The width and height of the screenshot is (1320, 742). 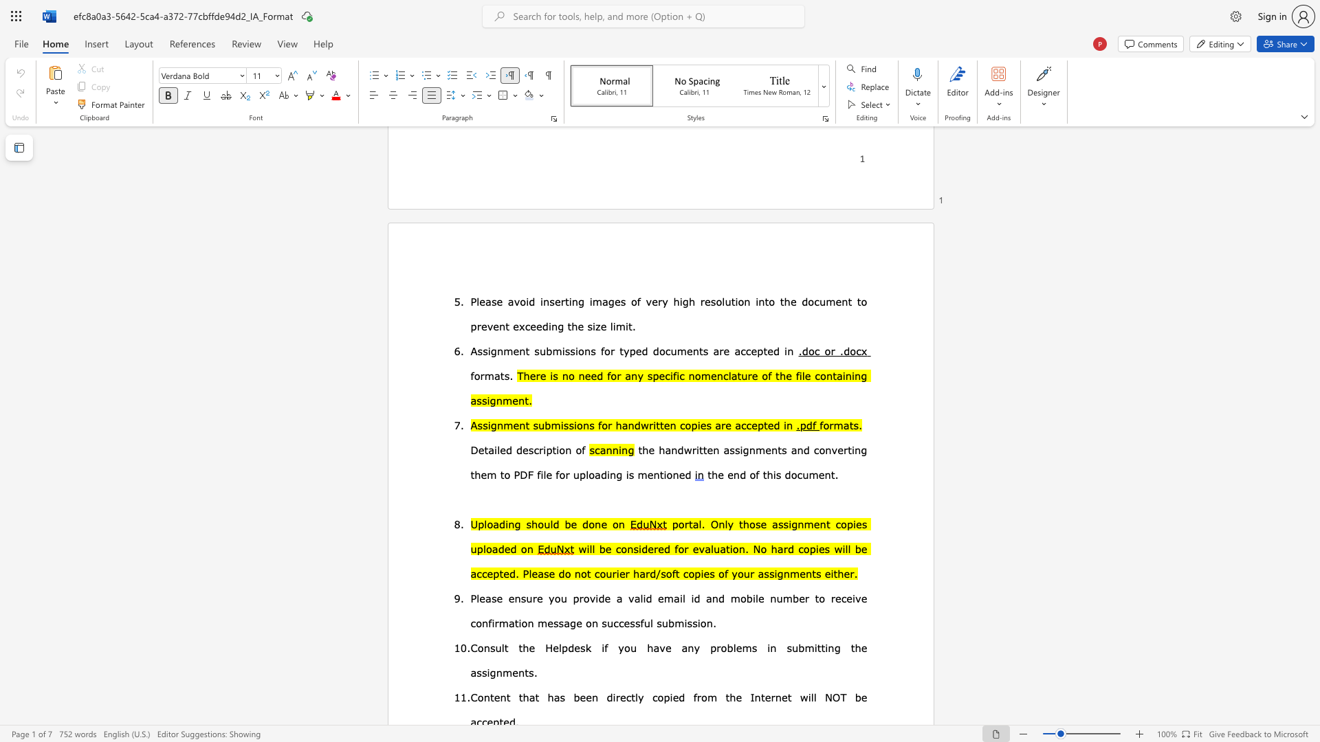 What do you see at coordinates (639, 424) in the screenshot?
I see `the subset text "writt" within the text "Assignment submissions for handwritten copies are accepted in"` at bounding box center [639, 424].